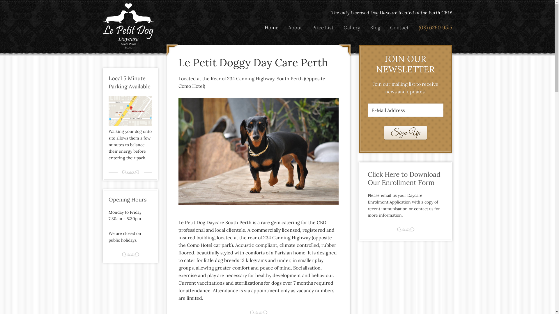  Describe the element at coordinates (128, 26) in the screenshot. I see `'Le Petit Dog'` at that location.